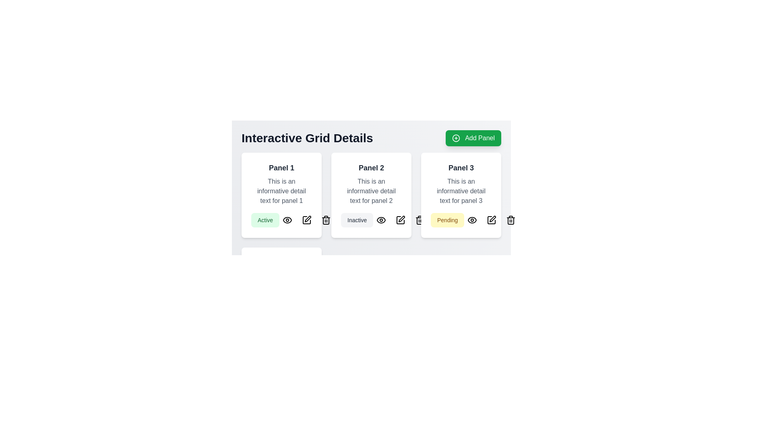  Describe the element at coordinates (401, 220) in the screenshot. I see `the edit button with a pencil icon located in the bottom action bar of 'Panel 2'` at that location.